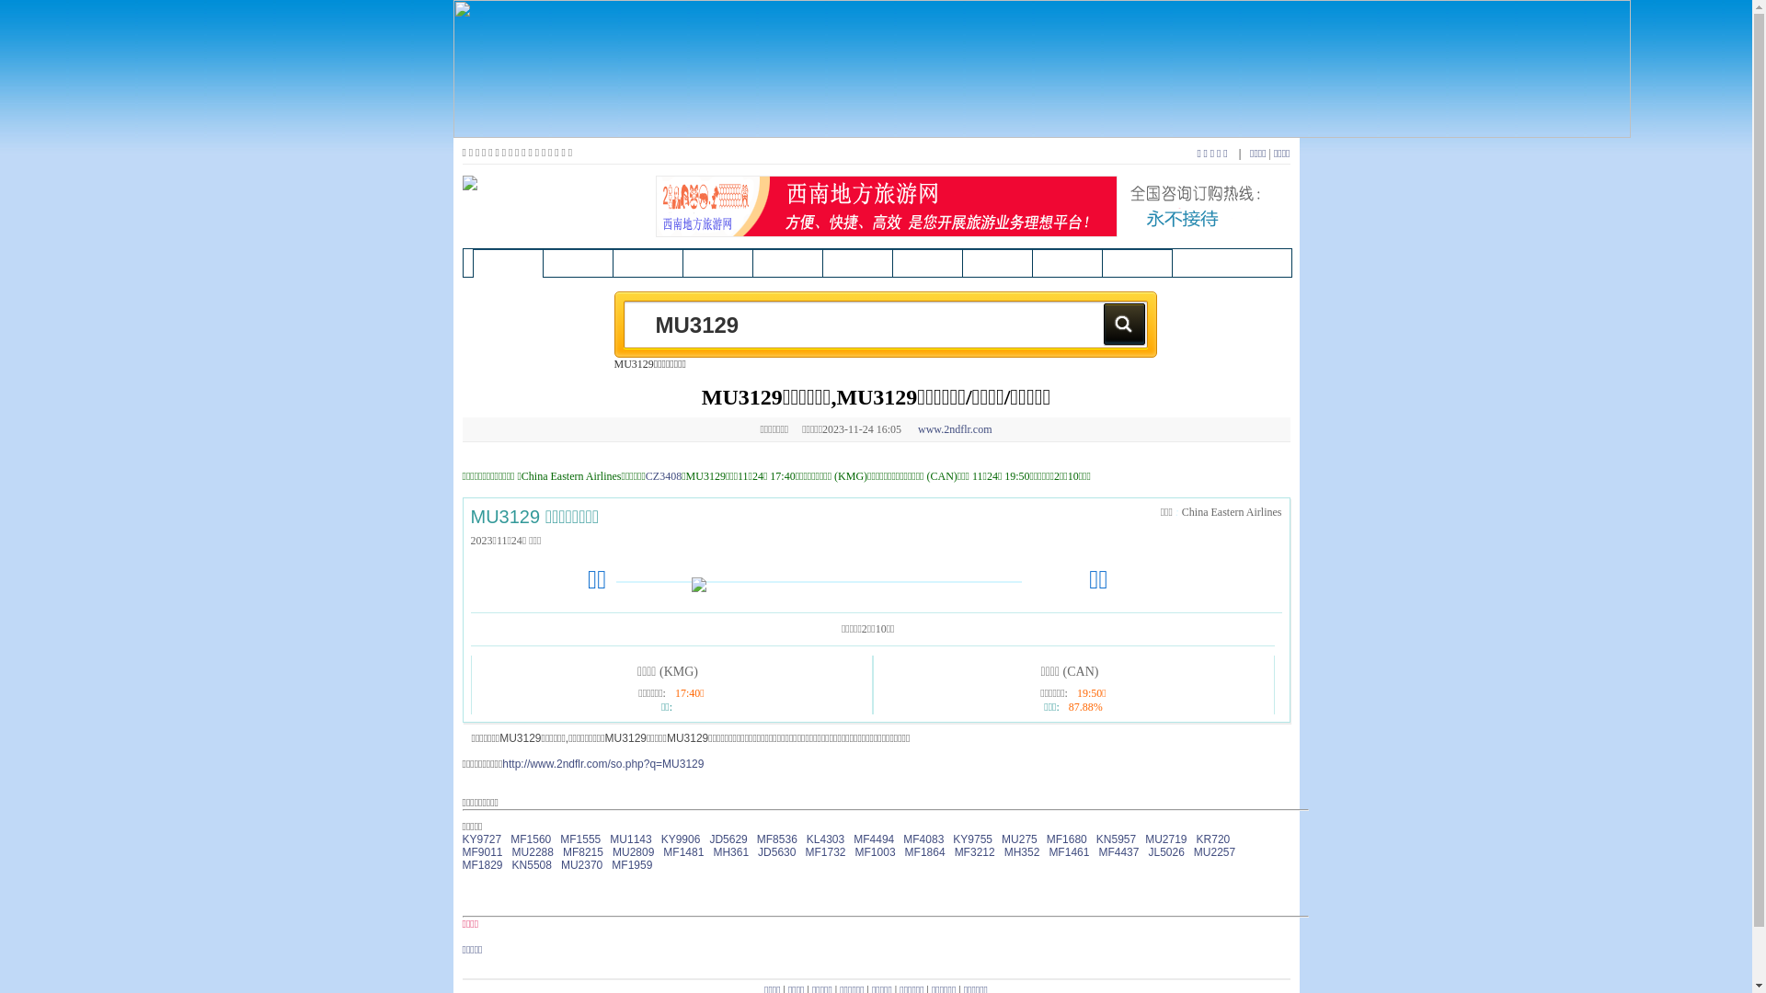  I want to click on 'MH361', so click(711, 851).